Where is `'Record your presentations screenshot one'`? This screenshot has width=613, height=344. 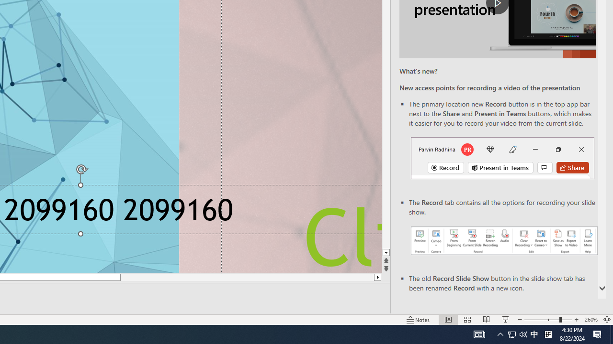 'Record your presentations screenshot one' is located at coordinates (503, 240).